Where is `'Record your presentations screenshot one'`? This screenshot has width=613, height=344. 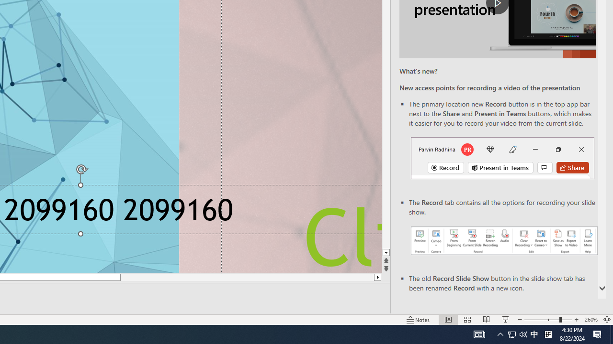 'Record your presentations screenshot one' is located at coordinates (503, 240).